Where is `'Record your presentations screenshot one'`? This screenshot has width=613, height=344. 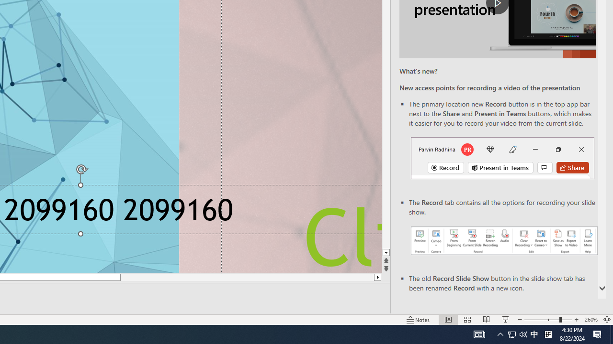 'Record your presentations screenshot one' is located at coordinates (503, 240).